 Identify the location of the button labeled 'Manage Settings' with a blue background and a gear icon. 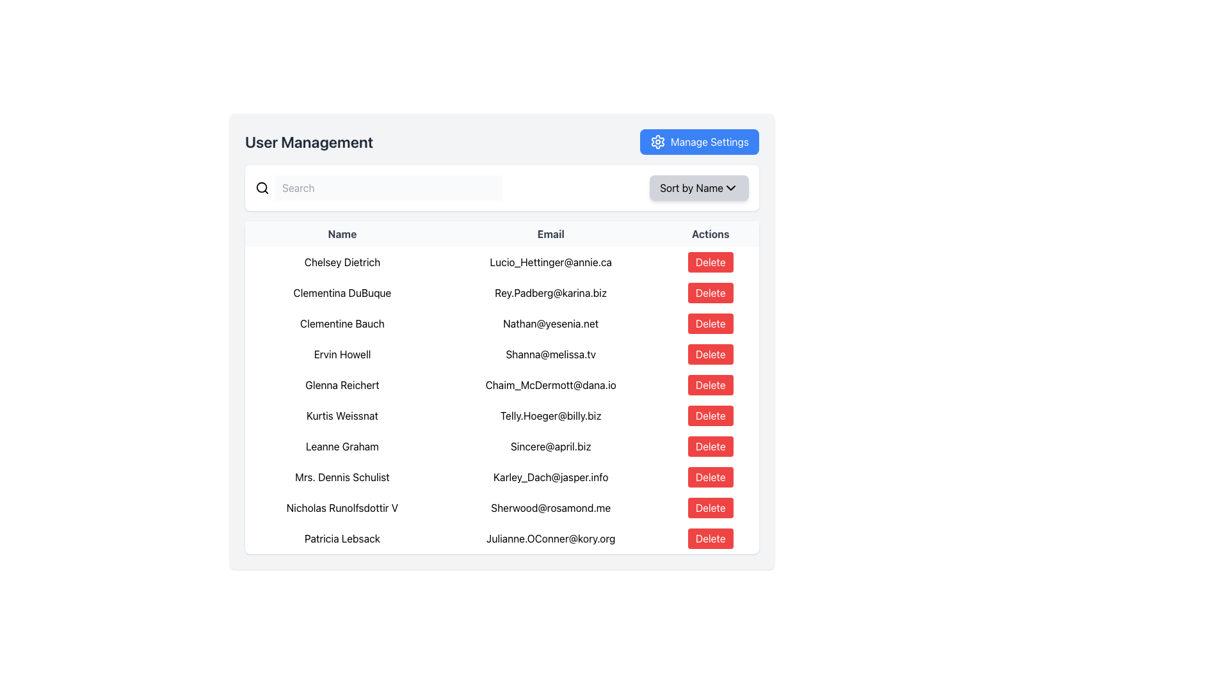
(699, 142).